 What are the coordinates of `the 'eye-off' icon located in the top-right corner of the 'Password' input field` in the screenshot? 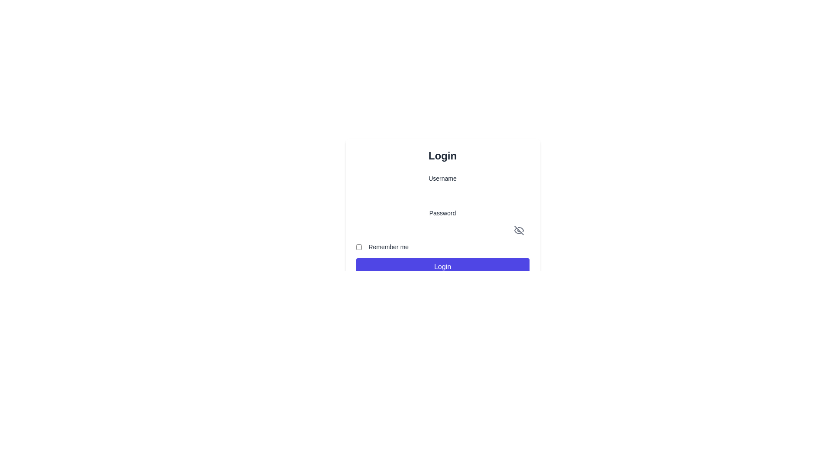 It's located at (520, 229).